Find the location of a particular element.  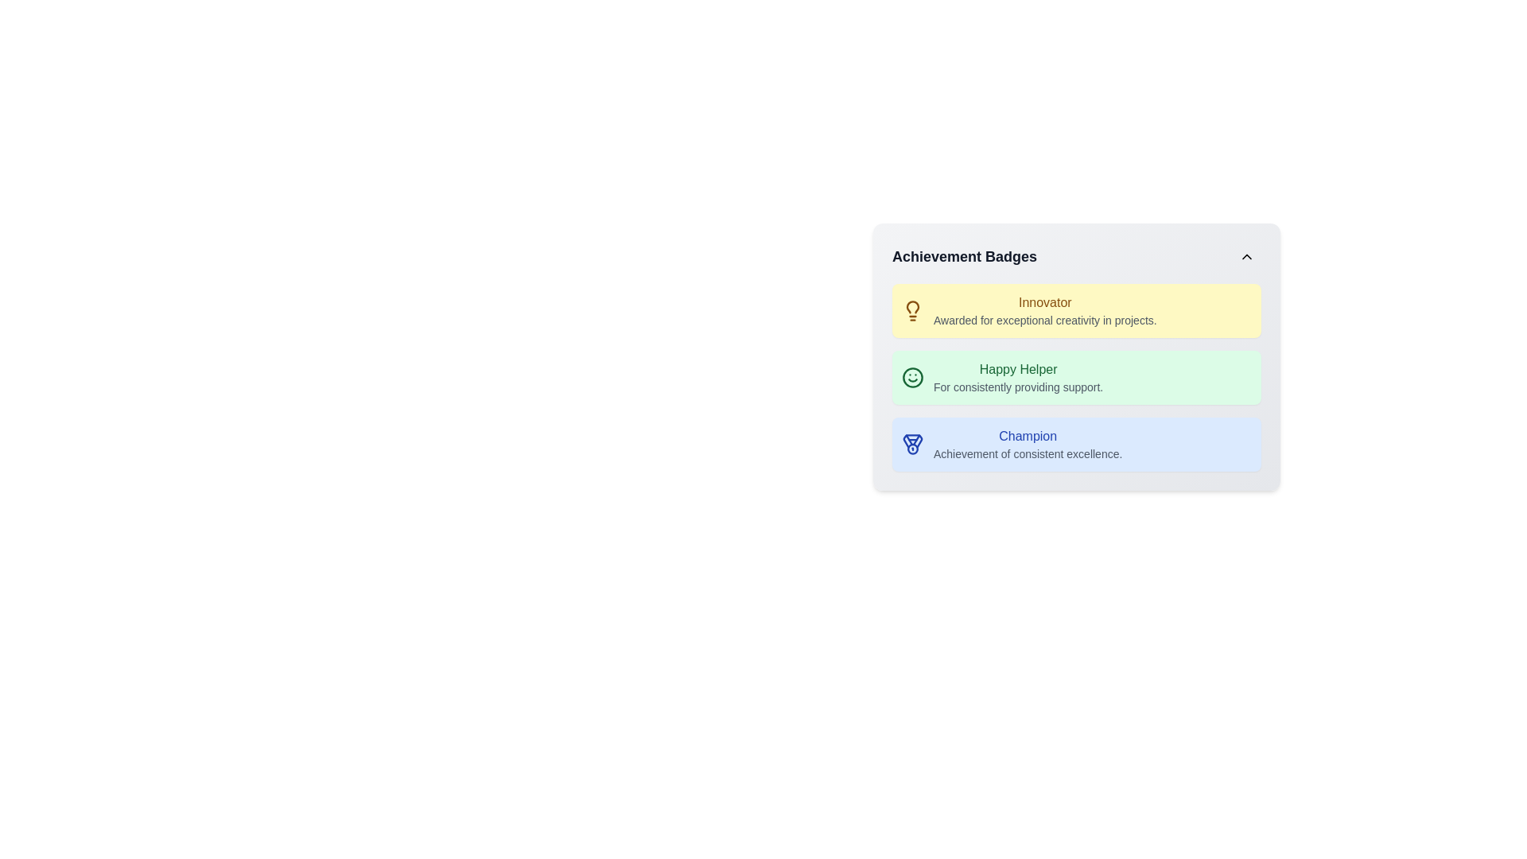

text content of the subtitle element that provides descriptive information about the 'Happy Helper' achievement, located directly under the 'Happy Helper' title is located at coordinates (1018, 387).